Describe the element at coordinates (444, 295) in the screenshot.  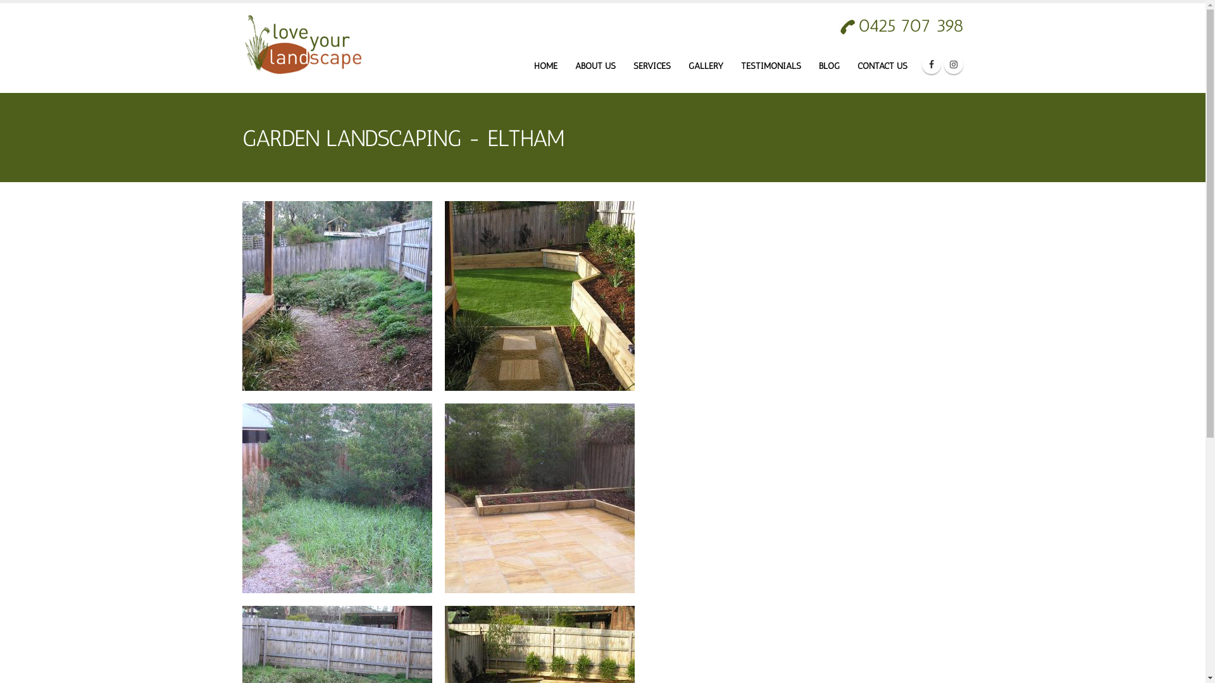
I see `'Garden landscaping - Eltham'` at that location.